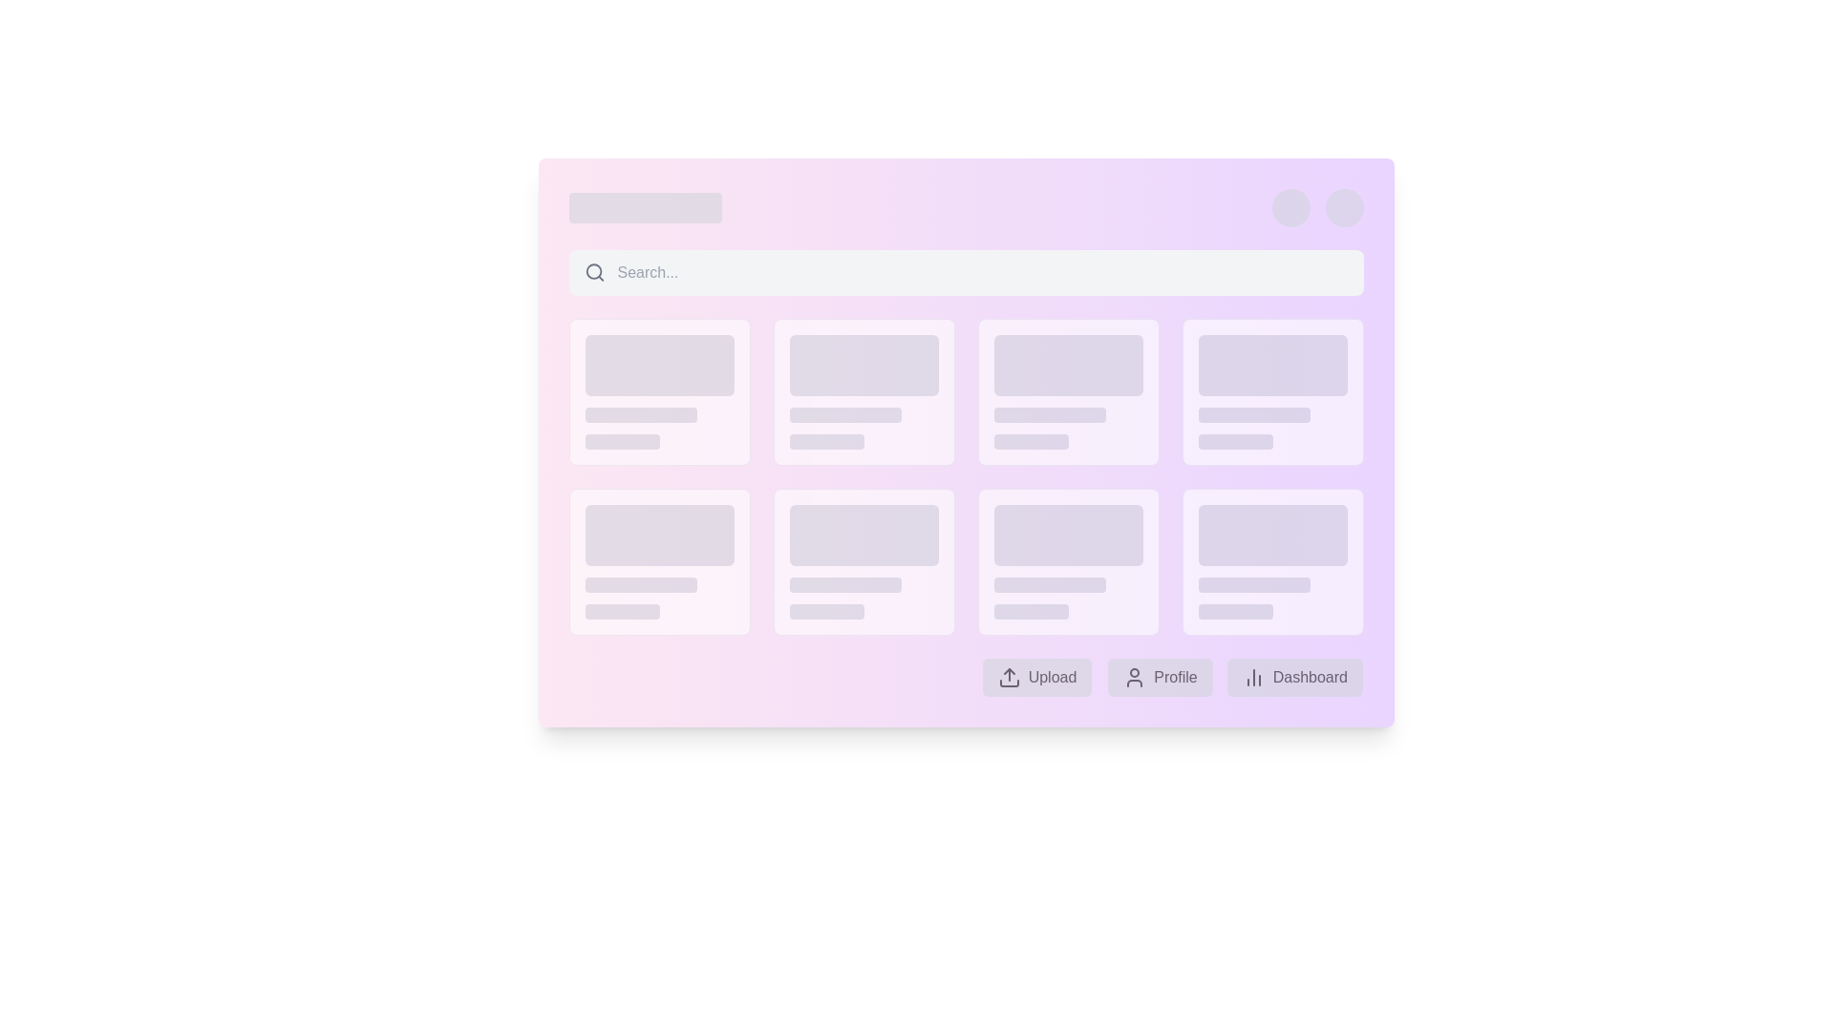 This screenshot has width=1834, height=1031. Describe the element at coordinates (1316, 208) in the screenshot. I see `the Placeholder Graphics loading indicator located in the top-right section of the interface, which visually represents pending content` at that location.